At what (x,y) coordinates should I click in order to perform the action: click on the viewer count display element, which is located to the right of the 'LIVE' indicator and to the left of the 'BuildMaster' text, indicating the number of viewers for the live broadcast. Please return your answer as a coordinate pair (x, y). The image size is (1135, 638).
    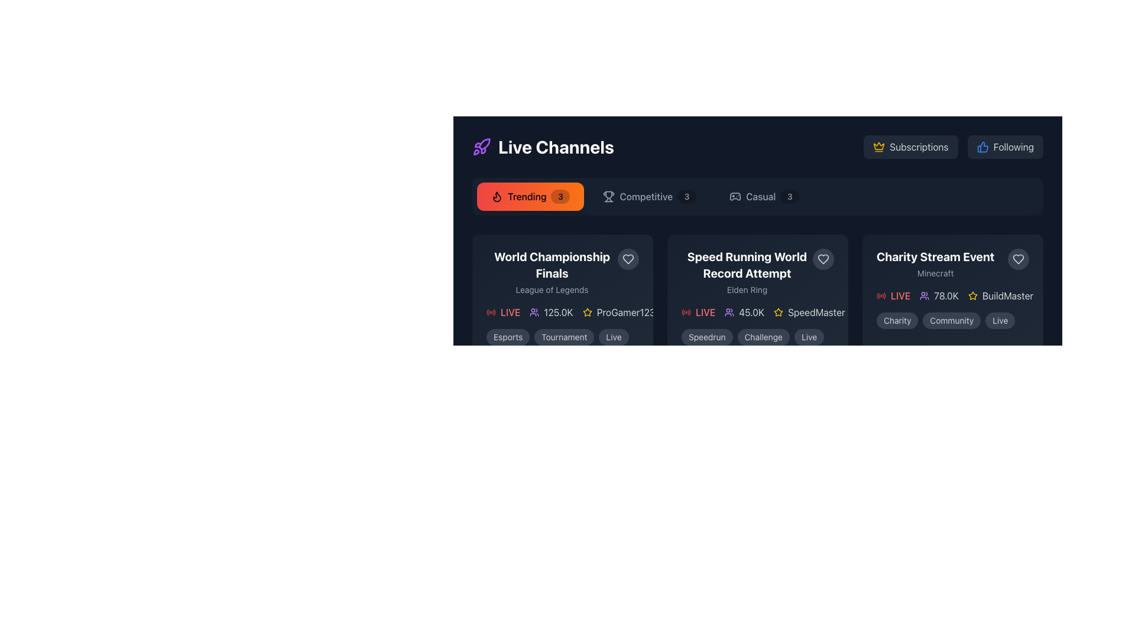
    Looking at the image, I should click on (939, 295).